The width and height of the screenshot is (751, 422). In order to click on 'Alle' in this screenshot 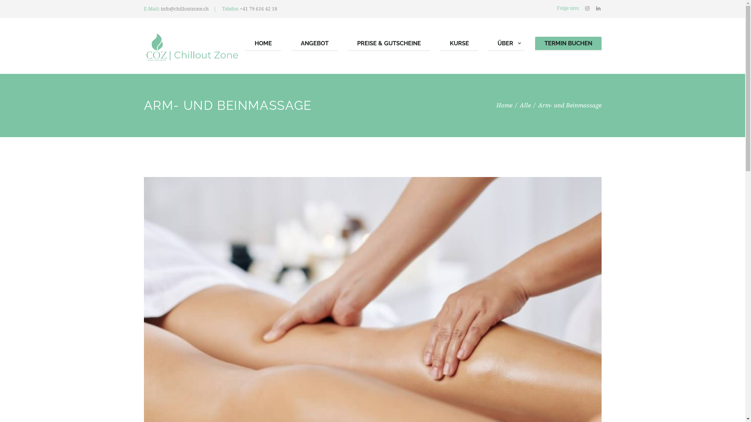, I will do `click(525, 105)`.